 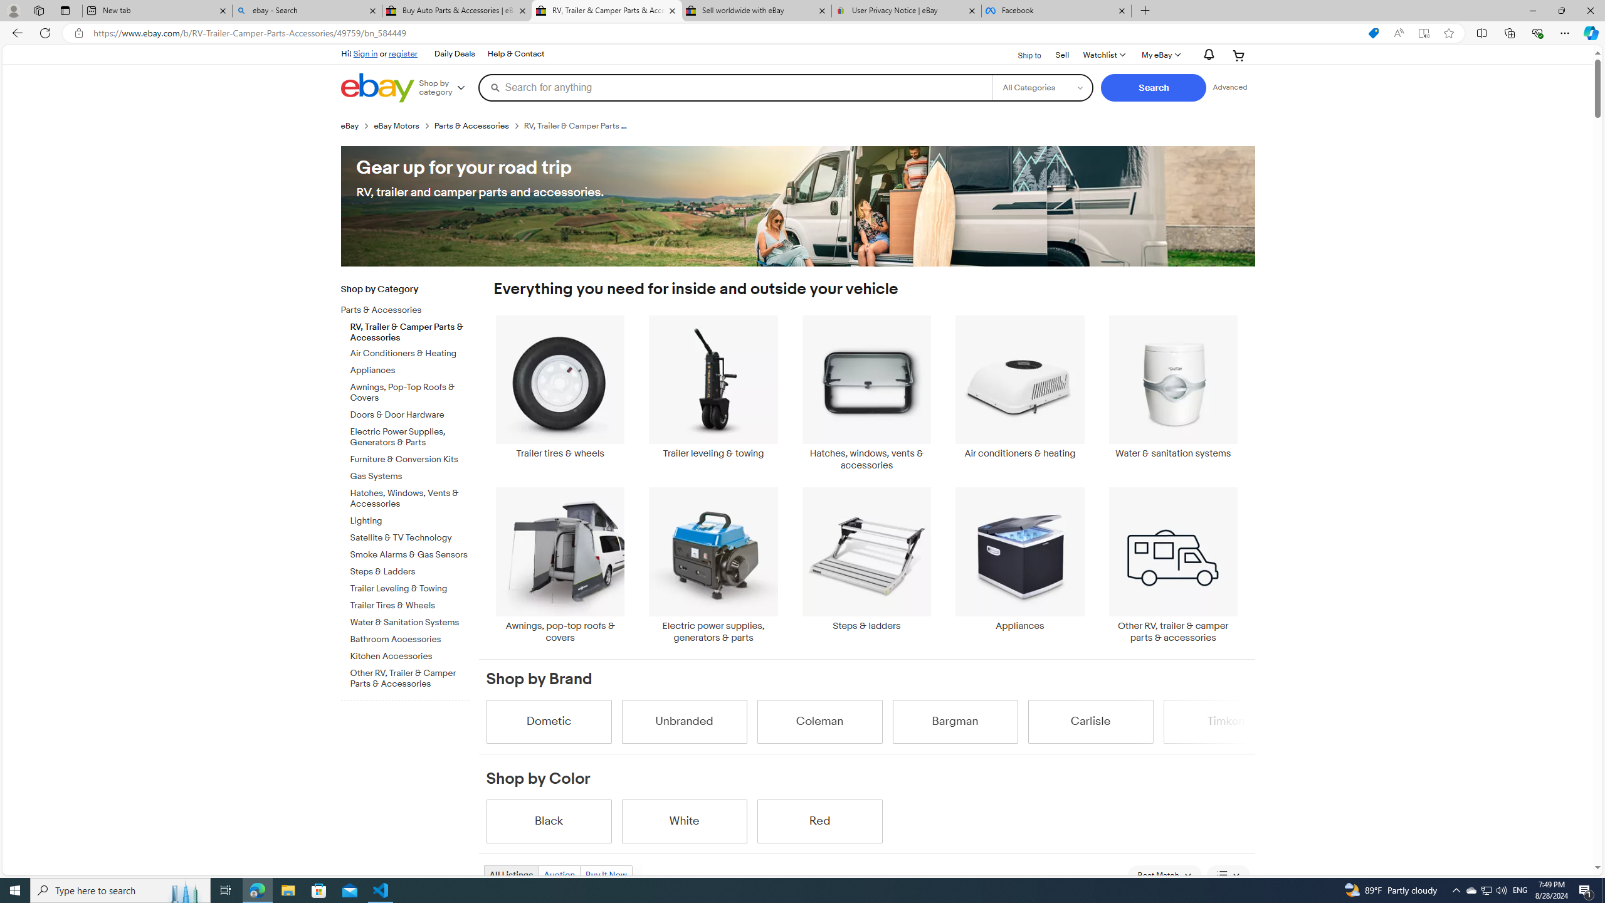 What do you see at coordinates (156, 10) in the screenshot?
I see `'New tab'` at bounding box center [156, 10].